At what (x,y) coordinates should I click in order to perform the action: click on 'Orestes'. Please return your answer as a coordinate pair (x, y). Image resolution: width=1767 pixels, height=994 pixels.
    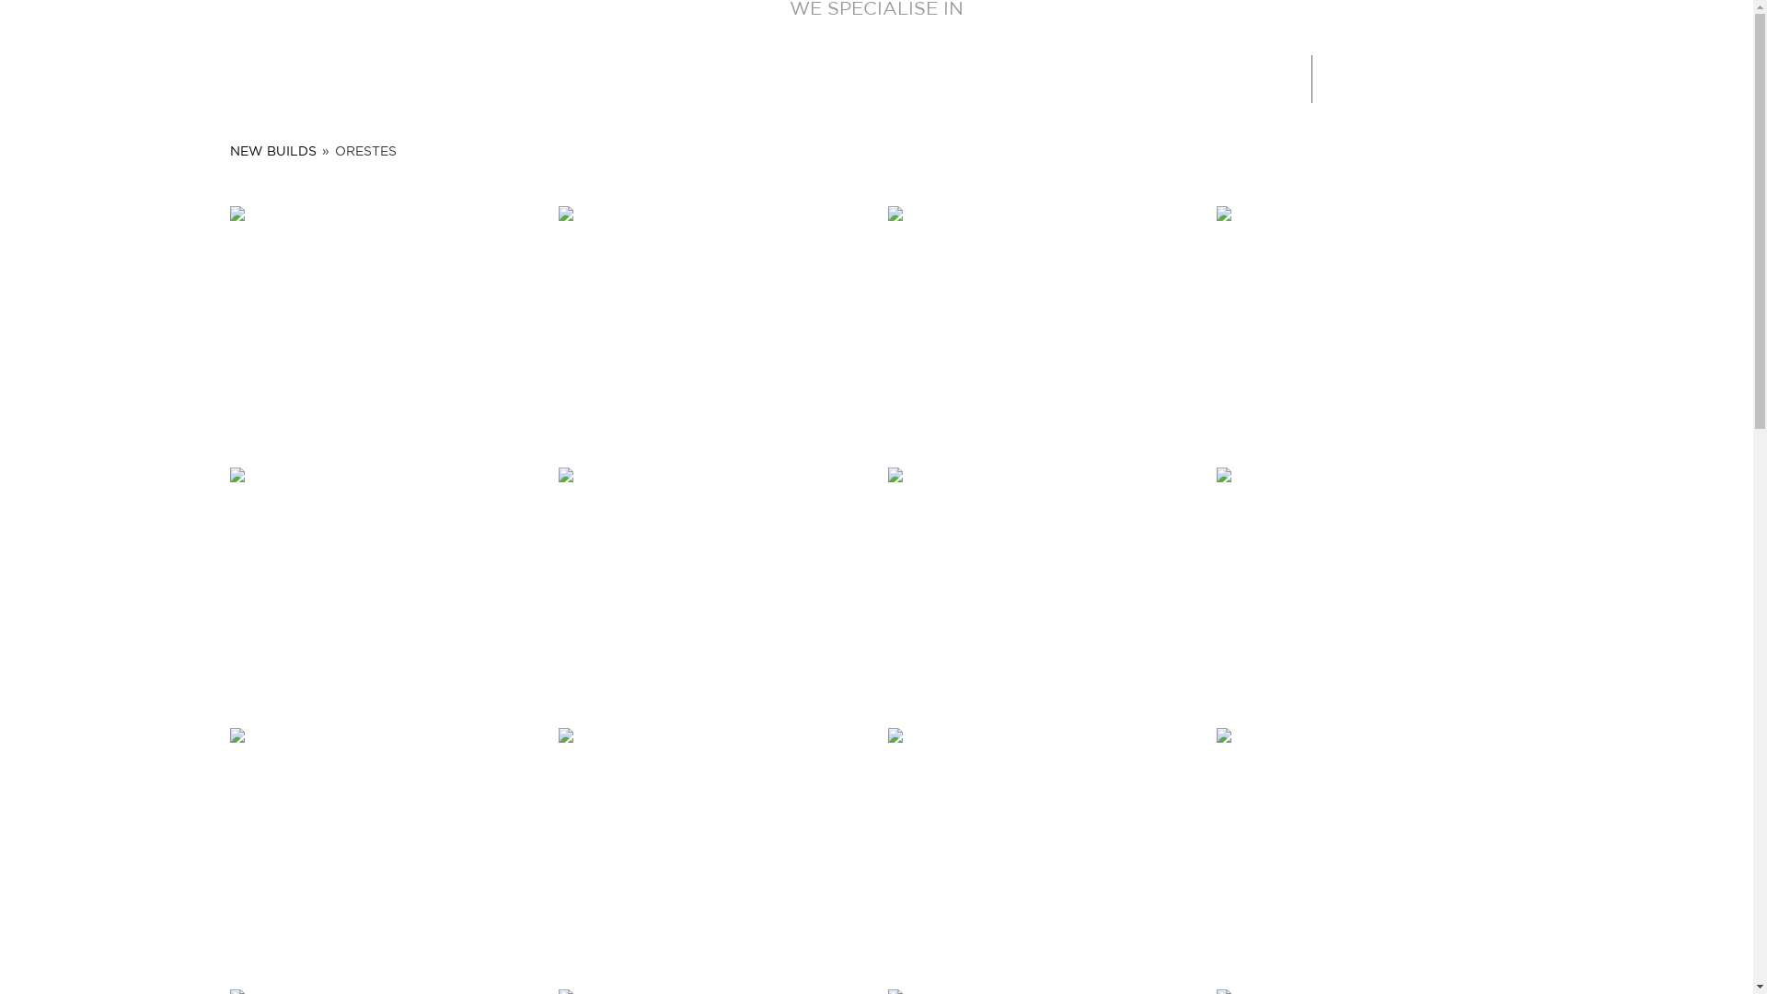
    Looking at the image, I should click on (1369, 847).